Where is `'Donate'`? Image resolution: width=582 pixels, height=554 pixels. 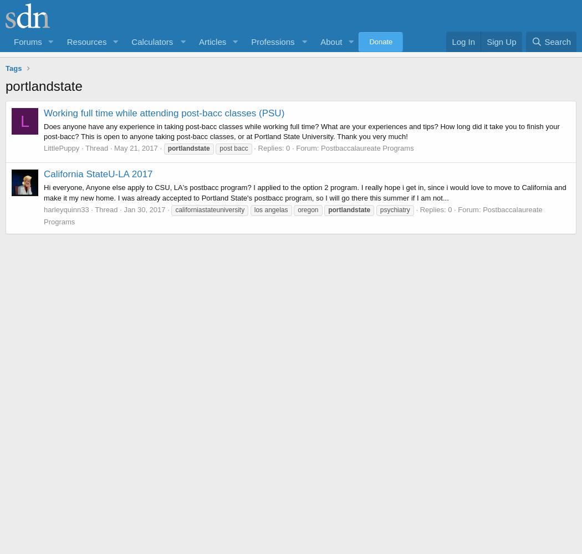
'Donate' is located at coordinates (381, 40).